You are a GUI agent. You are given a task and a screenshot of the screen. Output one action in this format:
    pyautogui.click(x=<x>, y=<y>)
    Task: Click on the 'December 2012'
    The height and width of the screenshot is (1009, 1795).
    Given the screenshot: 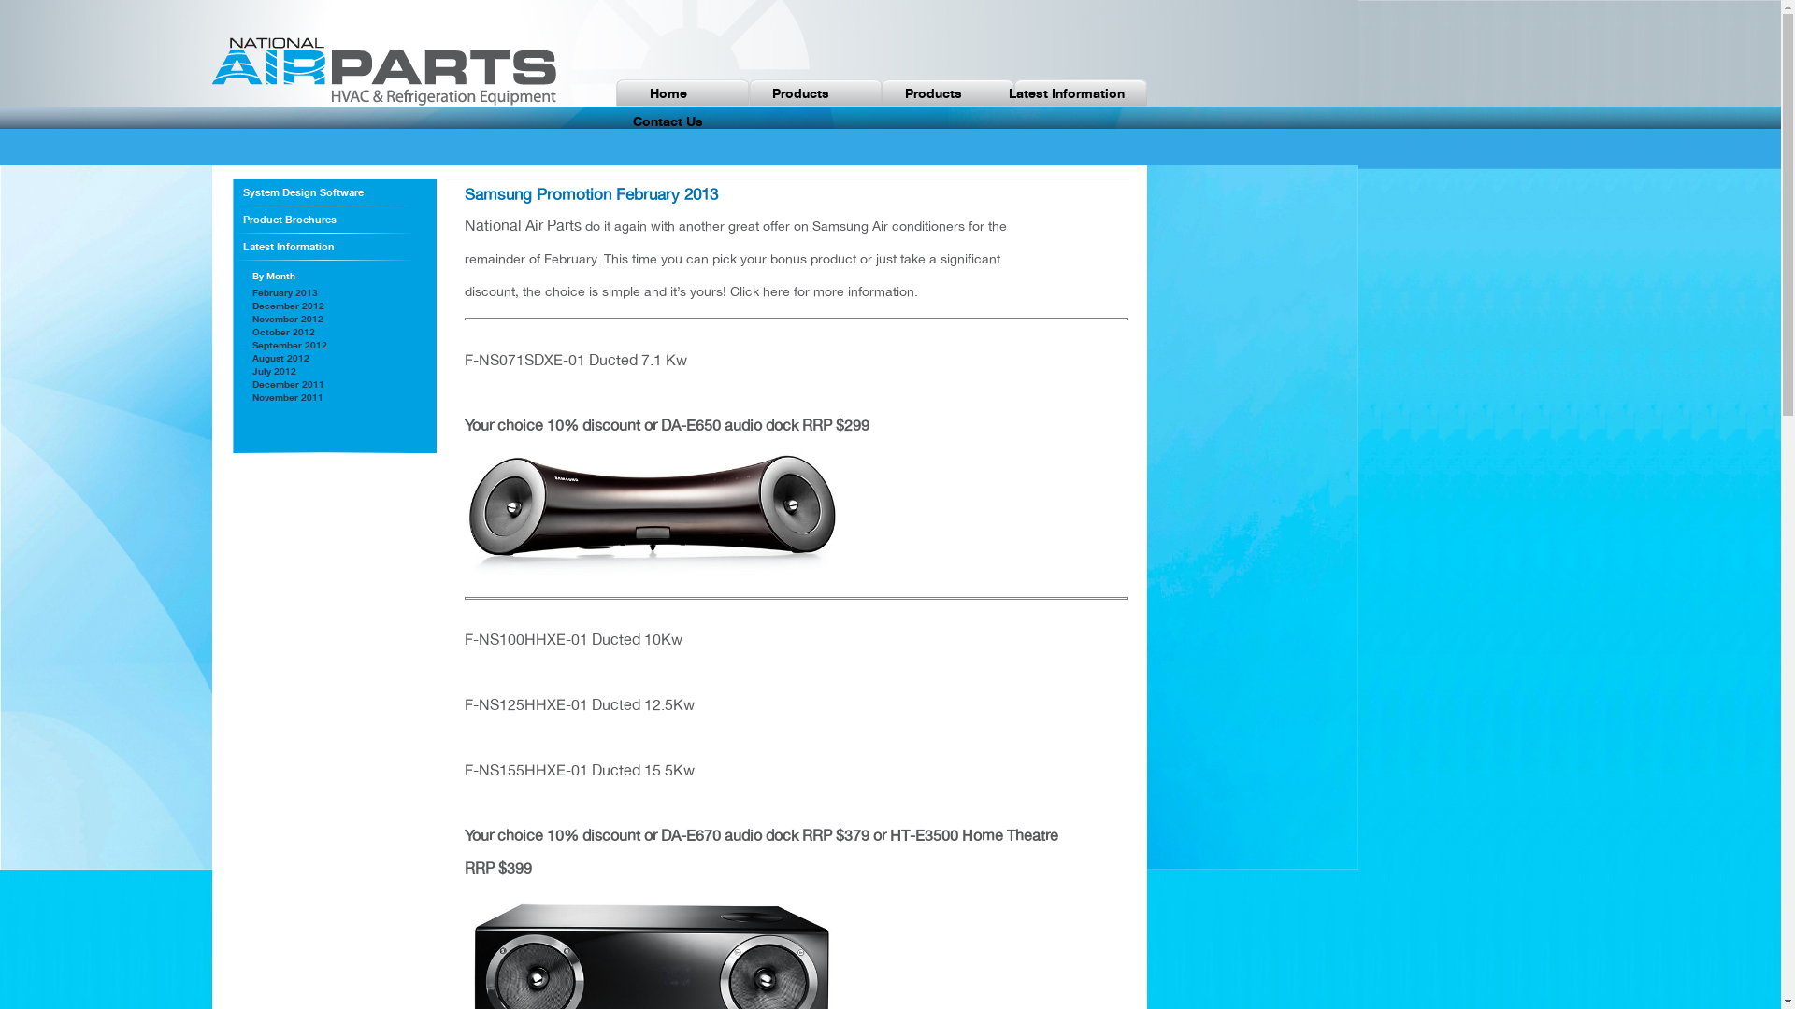 What is the action you would take?
    pyautogui.click(x=251, y=305)
    